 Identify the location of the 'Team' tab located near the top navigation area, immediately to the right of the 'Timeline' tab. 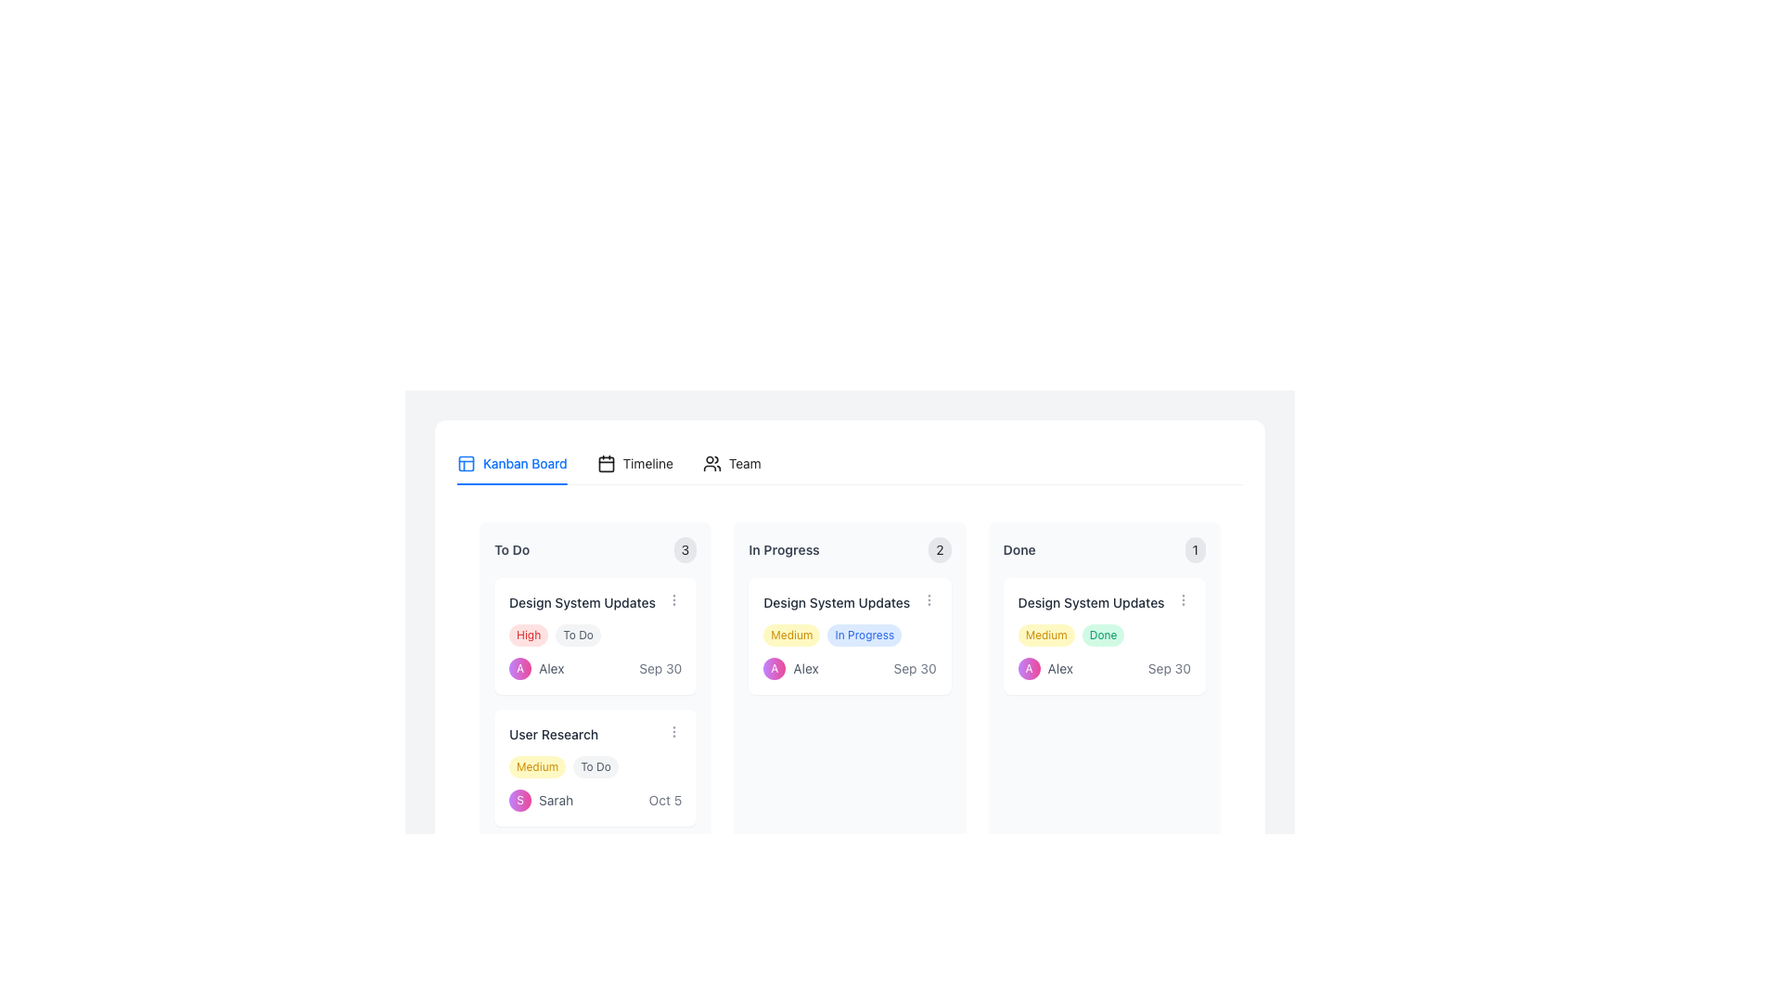
(731, 463).